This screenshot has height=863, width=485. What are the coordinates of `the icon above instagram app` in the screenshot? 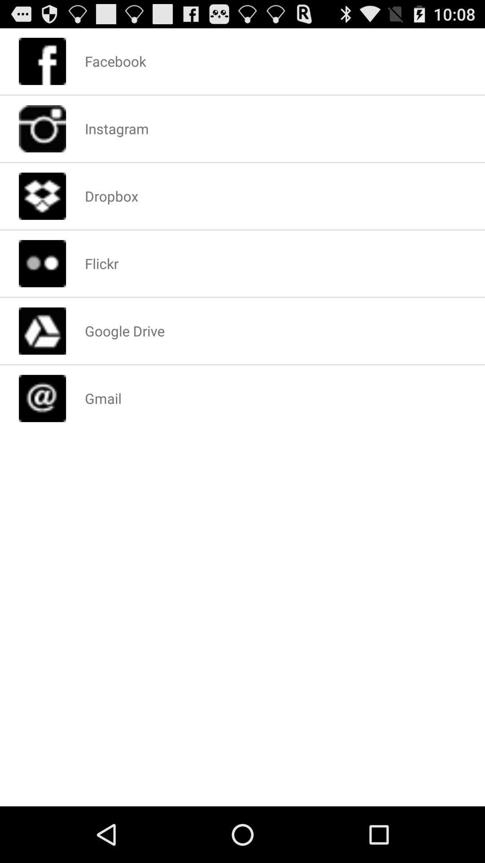 It's located at (115, 61).